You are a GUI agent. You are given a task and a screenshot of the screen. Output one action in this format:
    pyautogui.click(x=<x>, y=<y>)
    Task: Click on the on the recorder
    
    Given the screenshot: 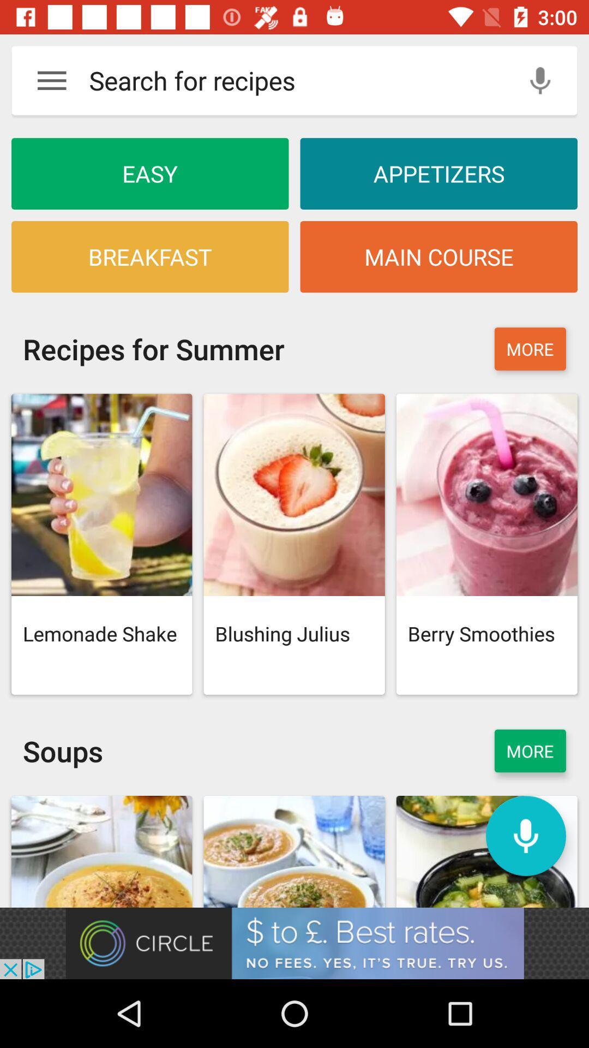 What is the action you would take?
    pyautogui.click(x=525, y=835)
    